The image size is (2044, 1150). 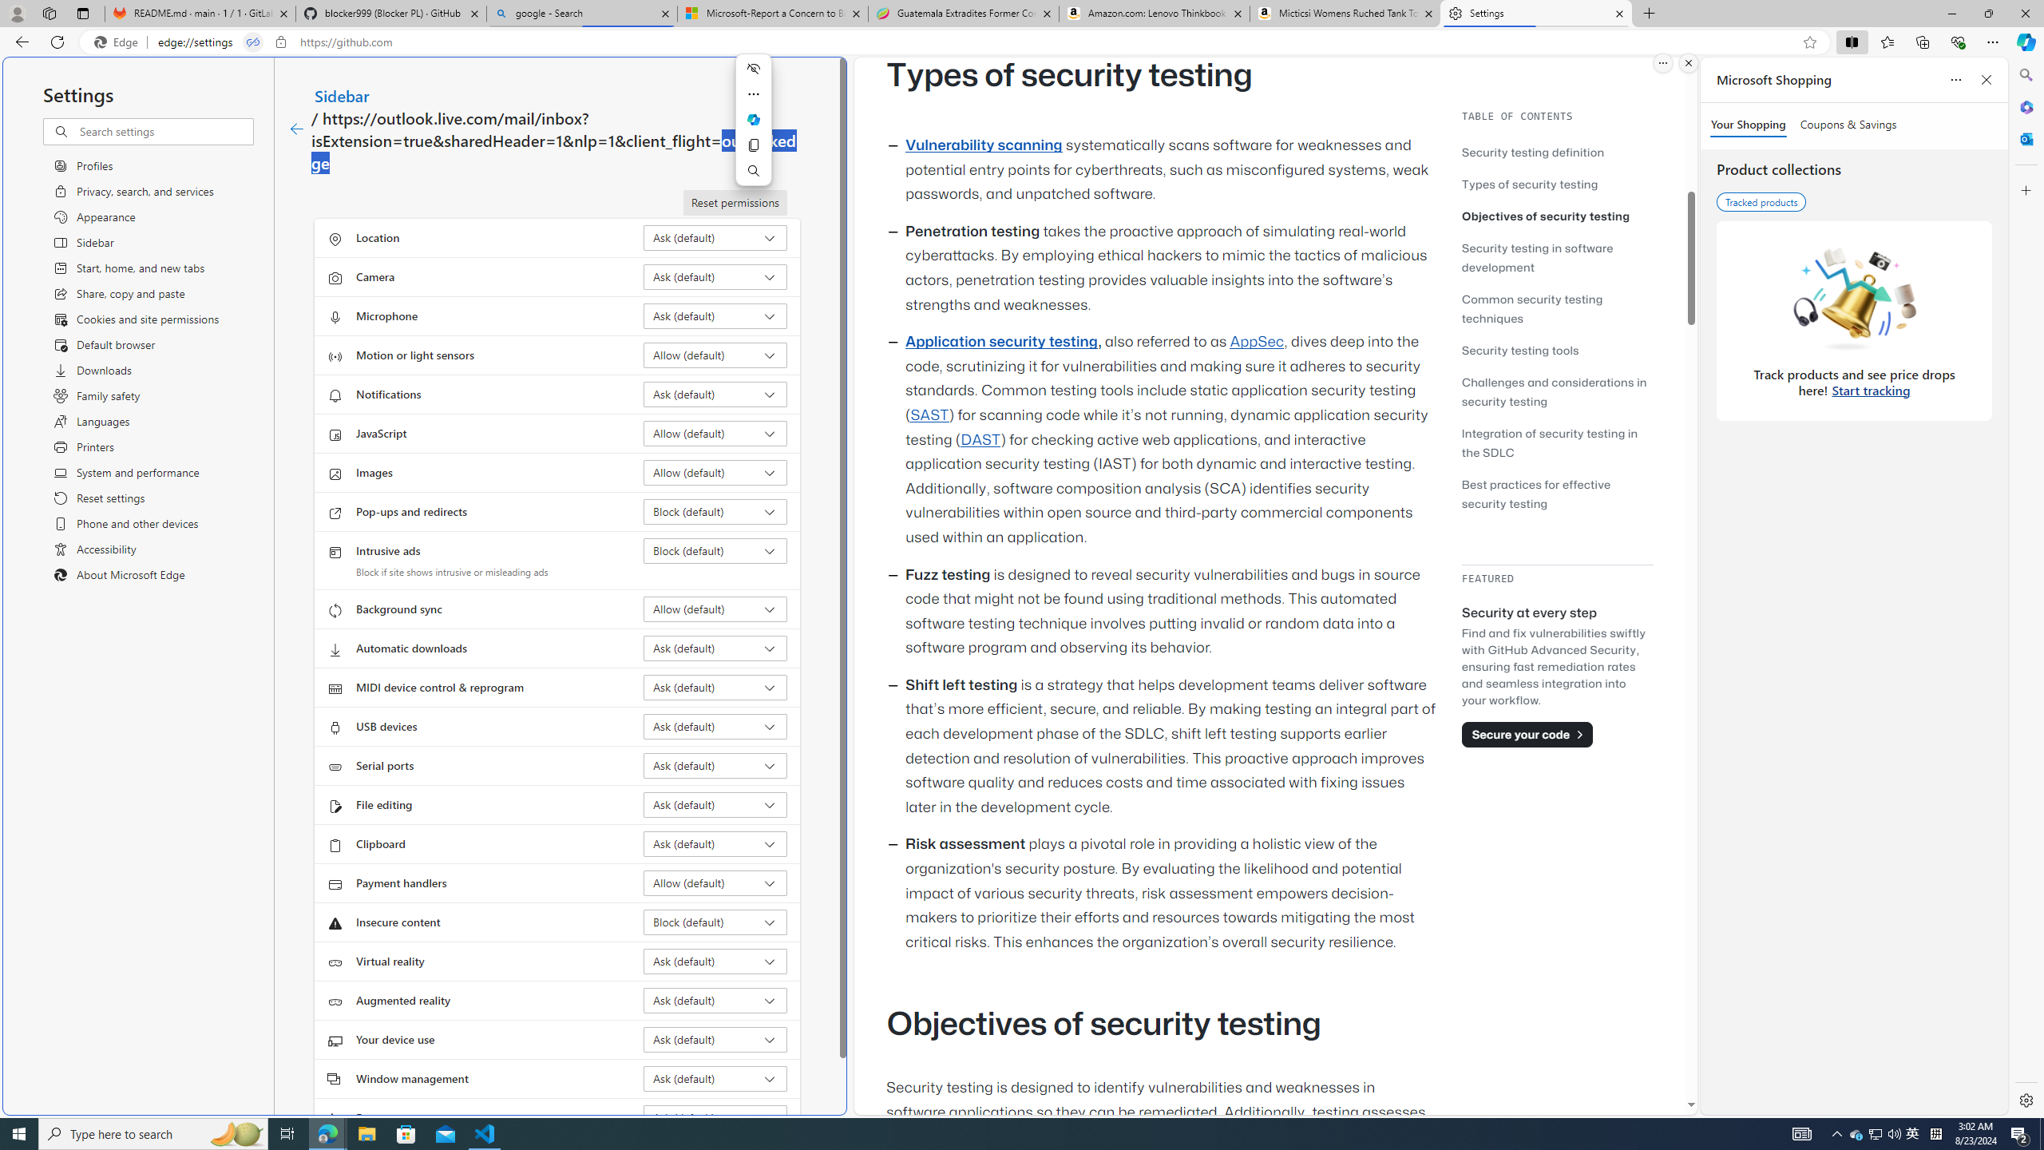 What do you see at coordinates (983, 145) in the screenshot?
I see `'Vulnerability scanning'` at bounding box center [983, 145].